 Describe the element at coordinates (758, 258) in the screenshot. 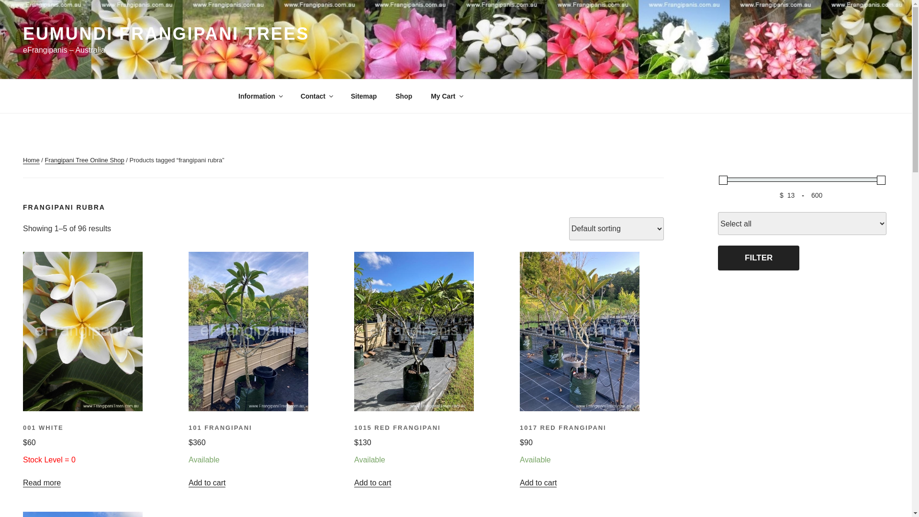

I see `'FILTER'` at that location.